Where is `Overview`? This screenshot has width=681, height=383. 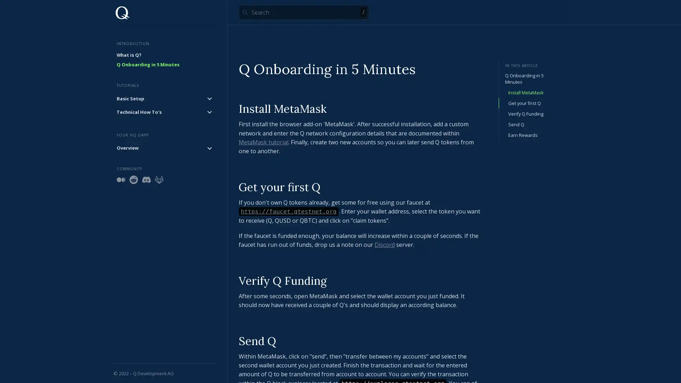 Overview is located at coordinates (164, 147).